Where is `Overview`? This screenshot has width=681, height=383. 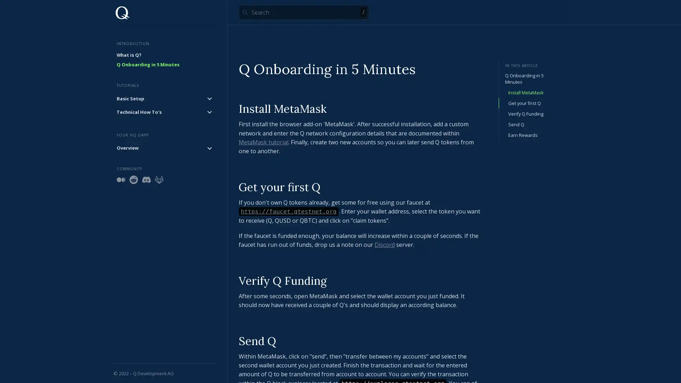 Overview is located at coordinates (164, 147).